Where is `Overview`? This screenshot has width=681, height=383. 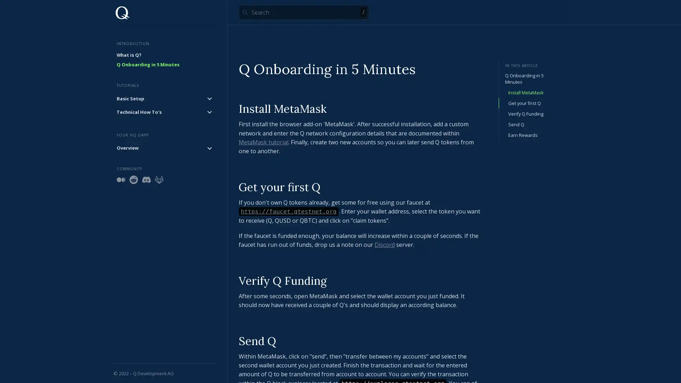 Overview is located at coordinates (164, 147).